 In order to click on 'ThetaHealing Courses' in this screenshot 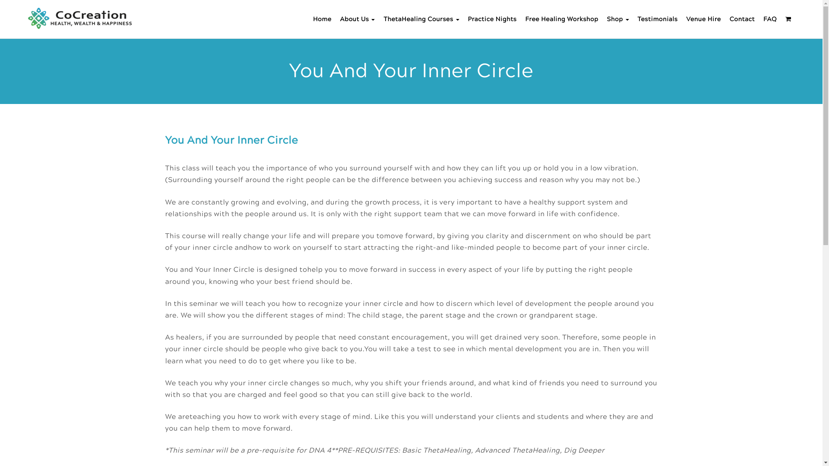, I will do `click(421, 18)`.